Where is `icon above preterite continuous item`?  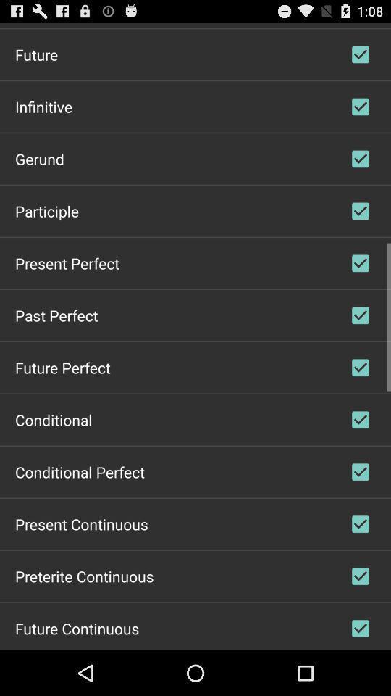 icon above preterite continuous item is located at coordinates (81, 523).